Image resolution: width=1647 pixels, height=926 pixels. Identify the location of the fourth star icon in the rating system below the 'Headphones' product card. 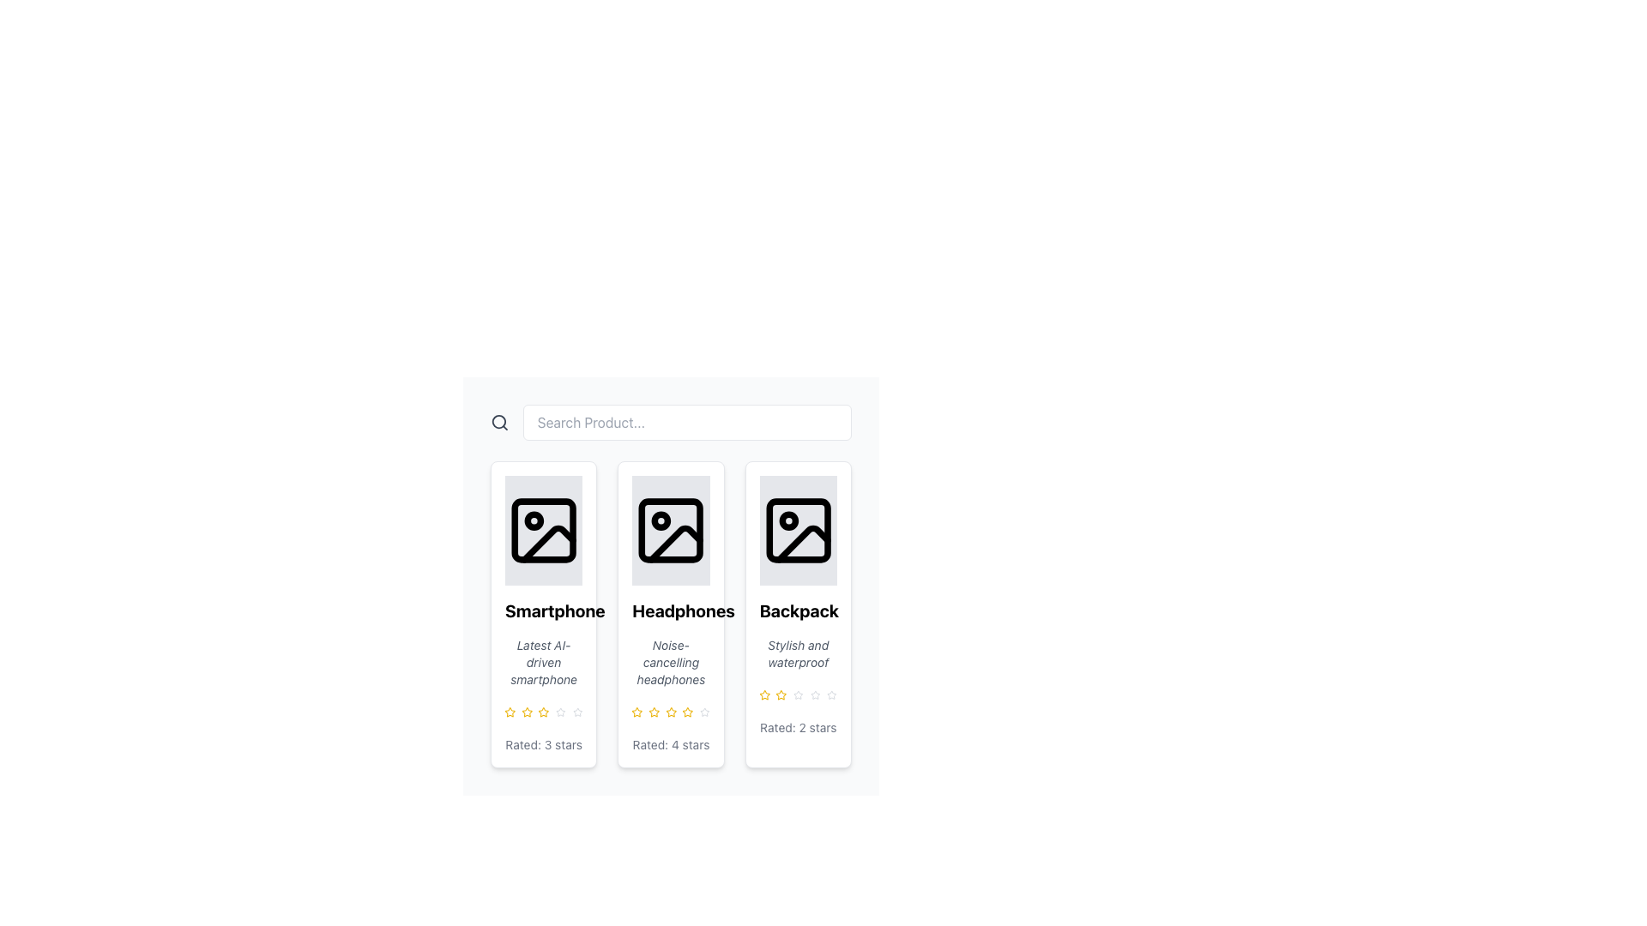
(670, 712).